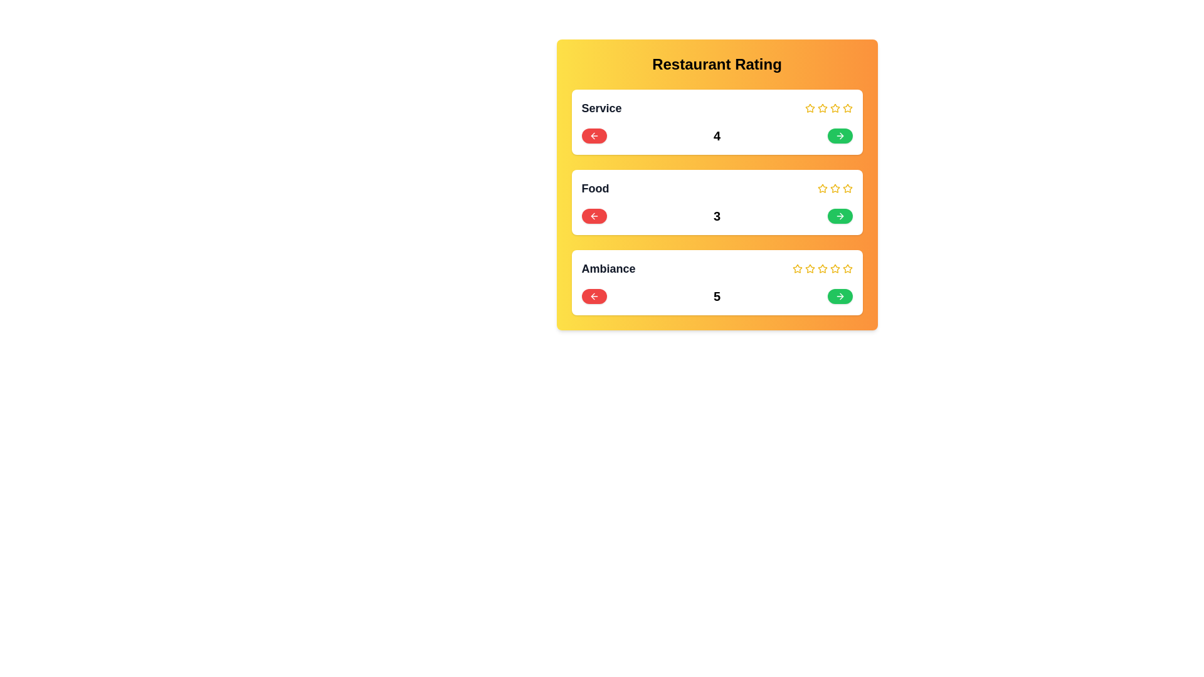  I want to click on the green circular button with a white arrow pointing to the right, located in the 'Service' row of the 'Restaurant Rating' section, so click(840, 135).